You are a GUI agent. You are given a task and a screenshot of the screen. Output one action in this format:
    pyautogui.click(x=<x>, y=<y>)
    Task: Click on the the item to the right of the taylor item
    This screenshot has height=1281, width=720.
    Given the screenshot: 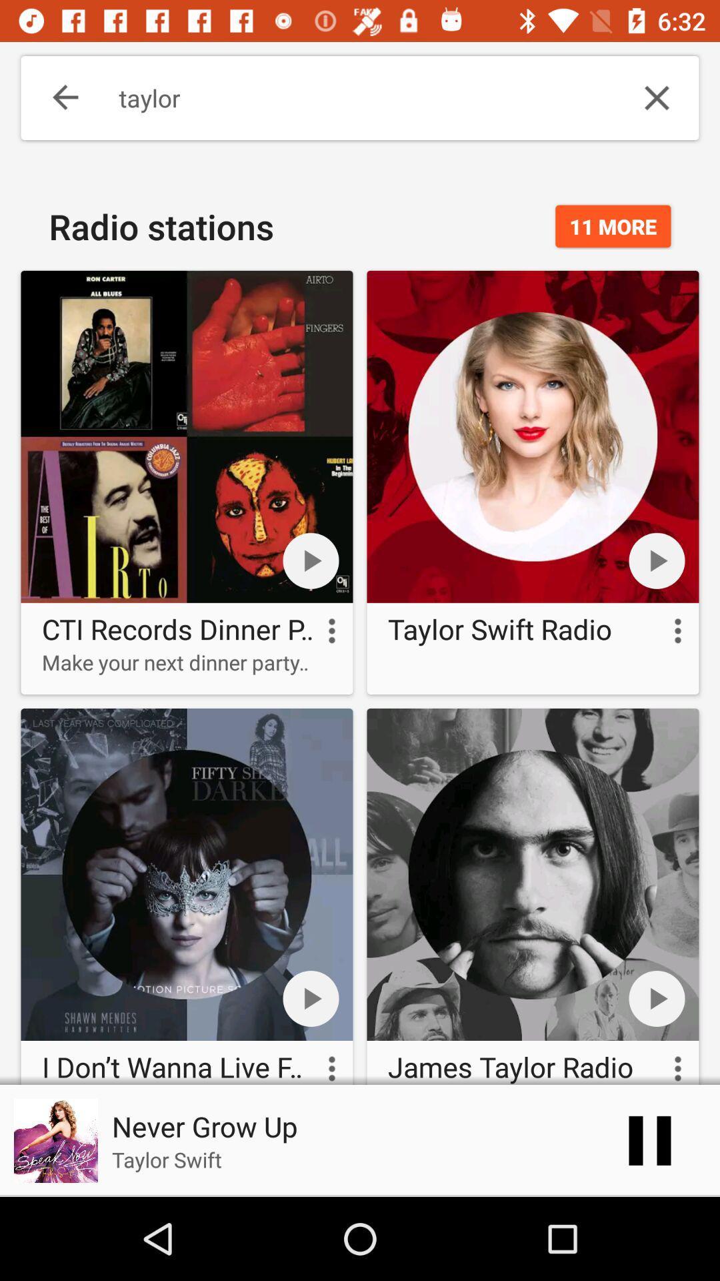 What is the action you would take?
    pyautogui.click(x=656, y=97)
    